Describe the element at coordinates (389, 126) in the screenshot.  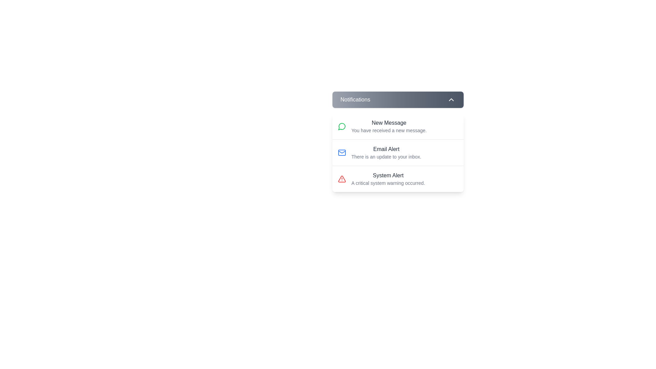
I see `the 'New Message' text display in the notification panel, which shows a bold 'New Message' and a smaller 'You have received a new message.'` at that location.